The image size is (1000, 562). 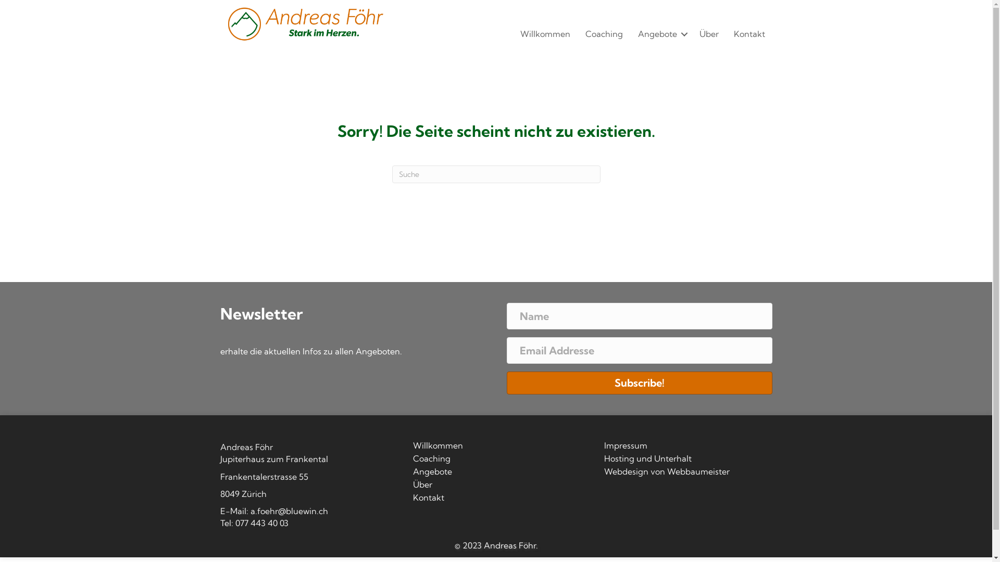 I want to click on 'Webdesign von Webbaumeister', so click(x=602, y=474).